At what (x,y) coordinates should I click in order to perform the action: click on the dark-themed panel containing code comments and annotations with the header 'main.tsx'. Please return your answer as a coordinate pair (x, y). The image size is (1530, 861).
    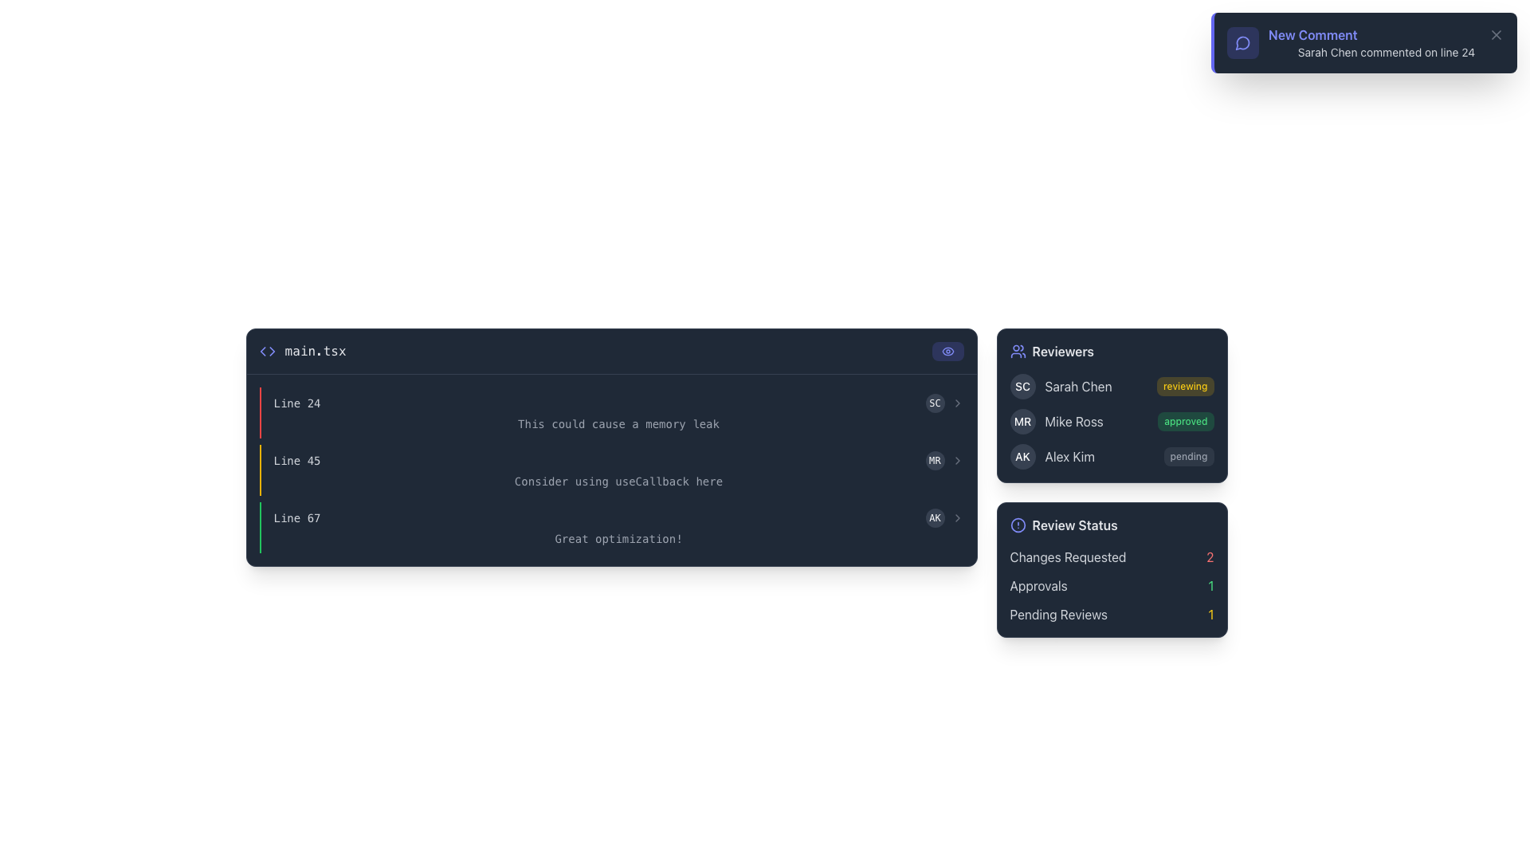
    Looking at the image, I should click on (610, 482).